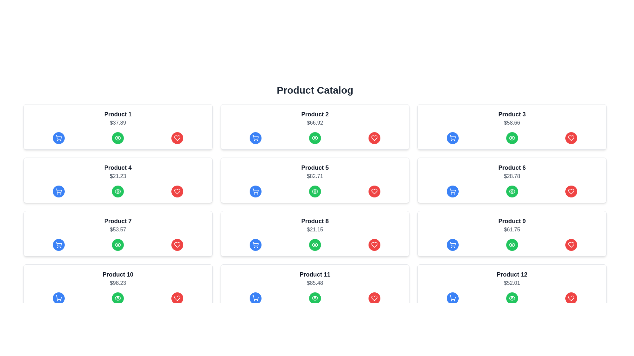  I want to click on the first button in the bottom-left corner of the 'Product 10' card, so click(58, 298).